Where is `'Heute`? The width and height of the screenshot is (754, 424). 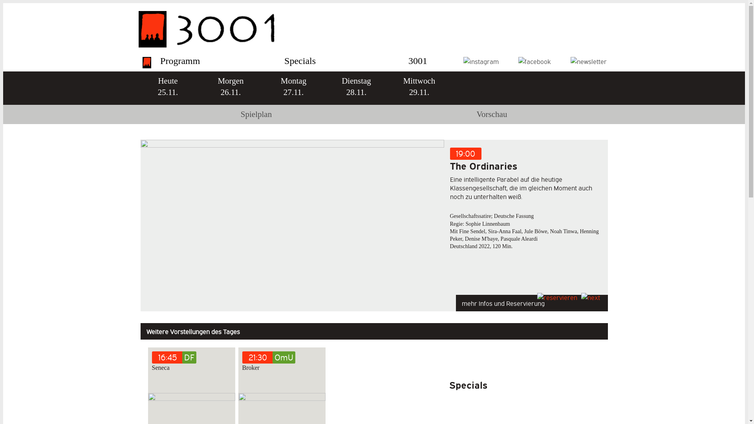 'Heute is located at coordinates (167, 88).